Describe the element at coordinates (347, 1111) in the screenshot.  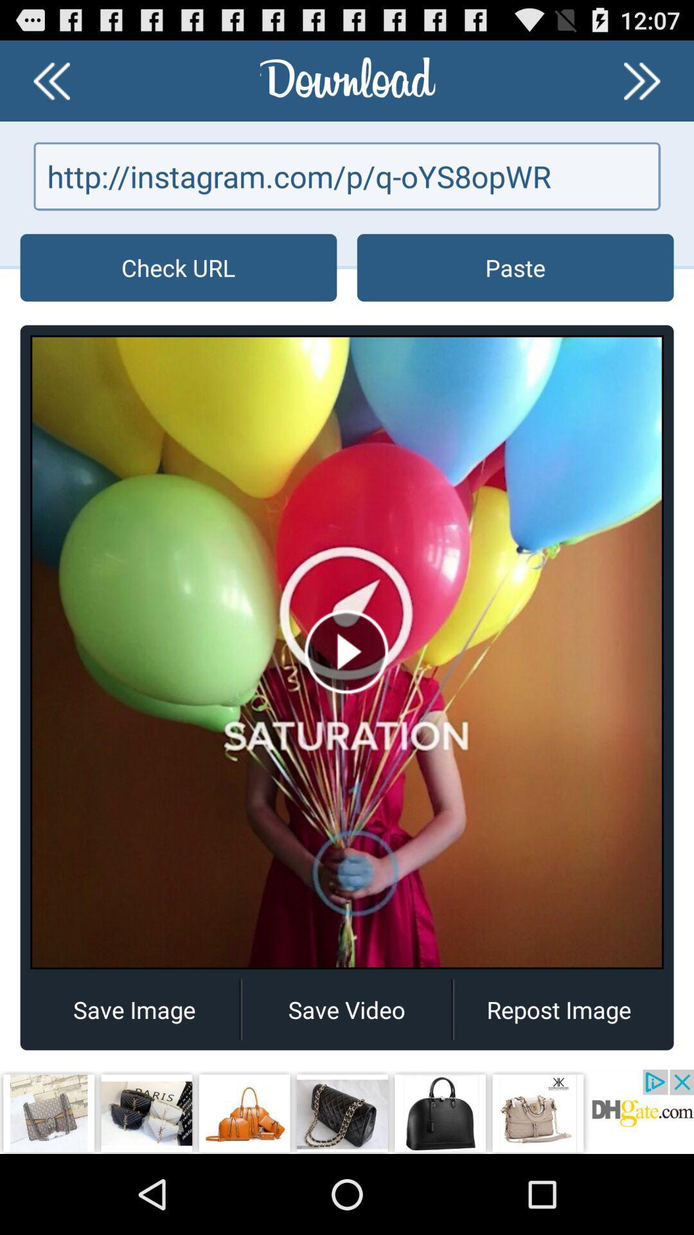
I see `advertisement page` at that location.